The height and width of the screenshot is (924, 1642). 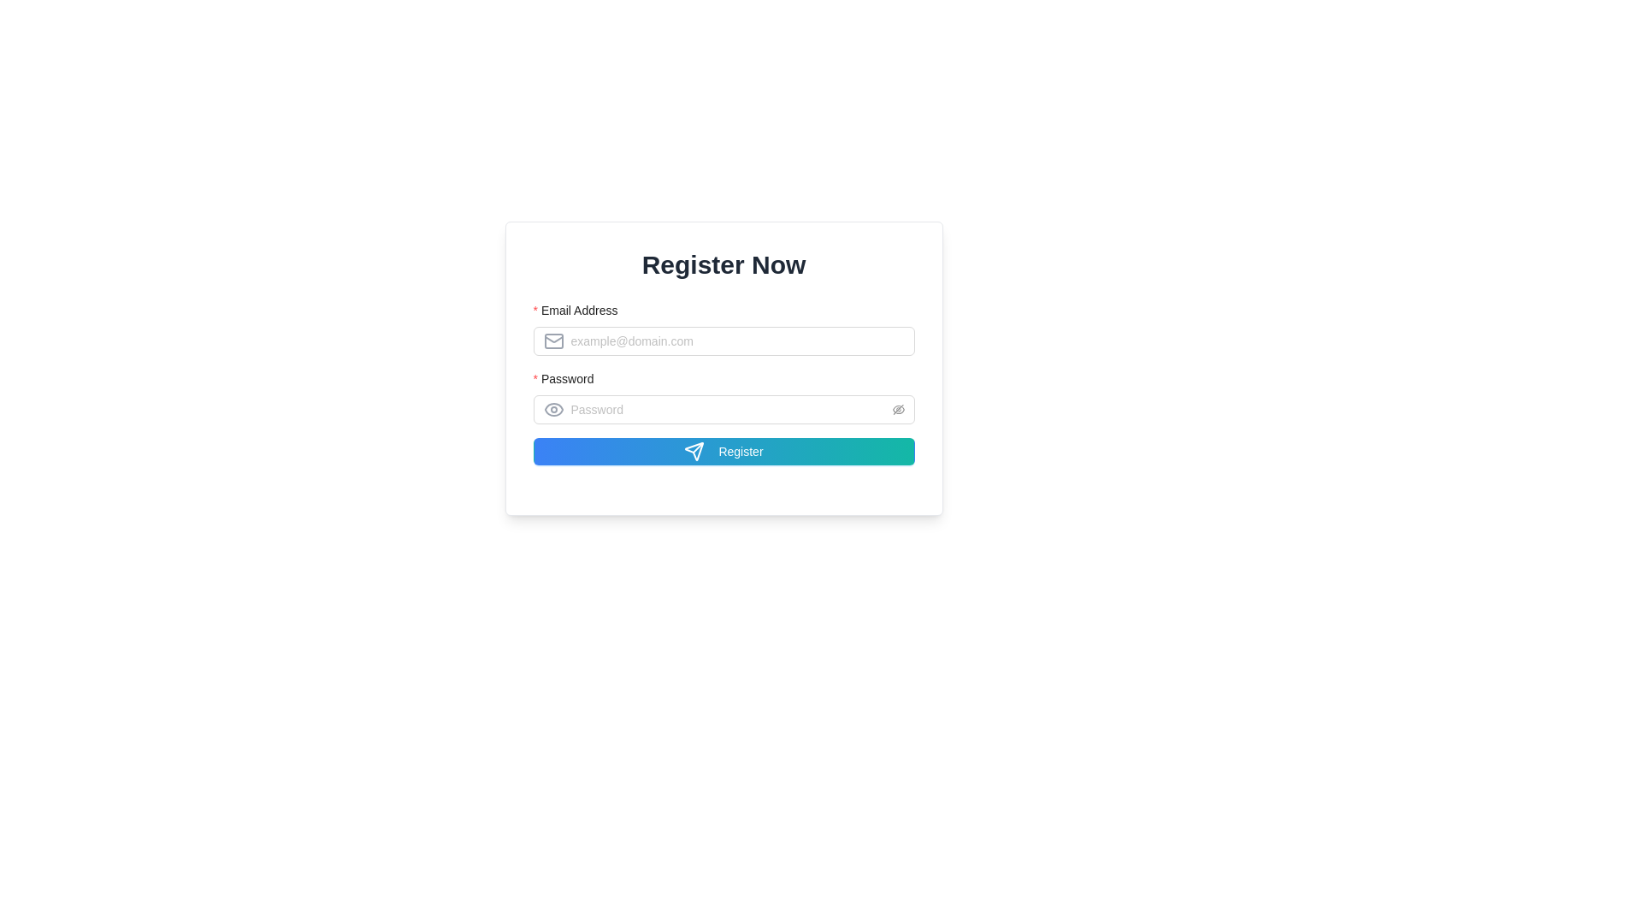 I want to click on and select text within the Password input field, which is visually associated with an eye symbol prefix and an eye-slash suffix, located below the Email Address input field, so click(x=724, y=409).